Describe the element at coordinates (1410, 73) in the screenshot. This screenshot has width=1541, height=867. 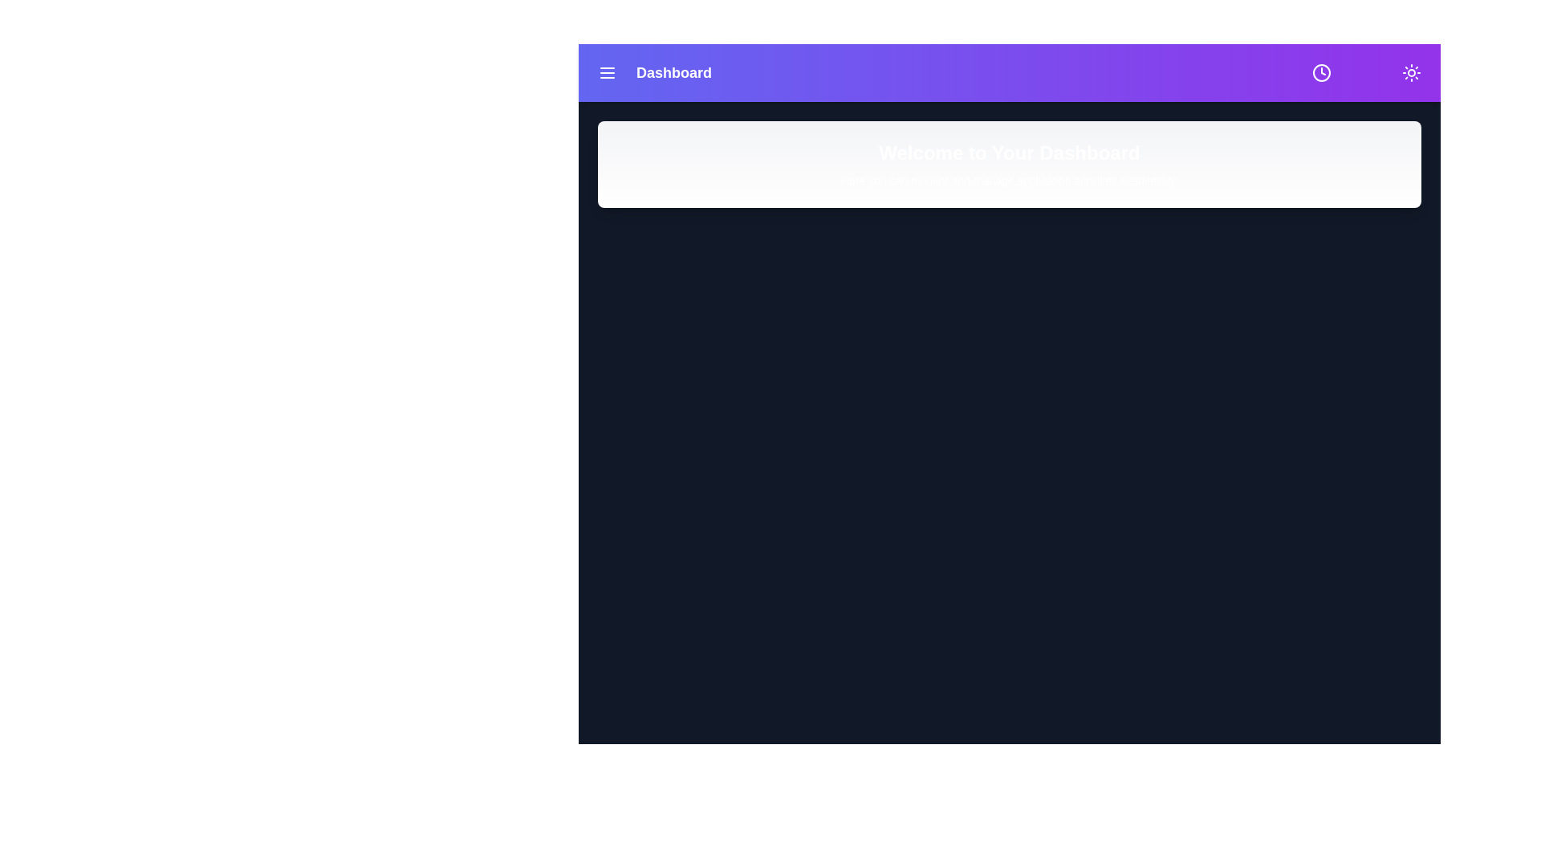
I see `the sun/moon icon to toggle the dark mode` at that location.